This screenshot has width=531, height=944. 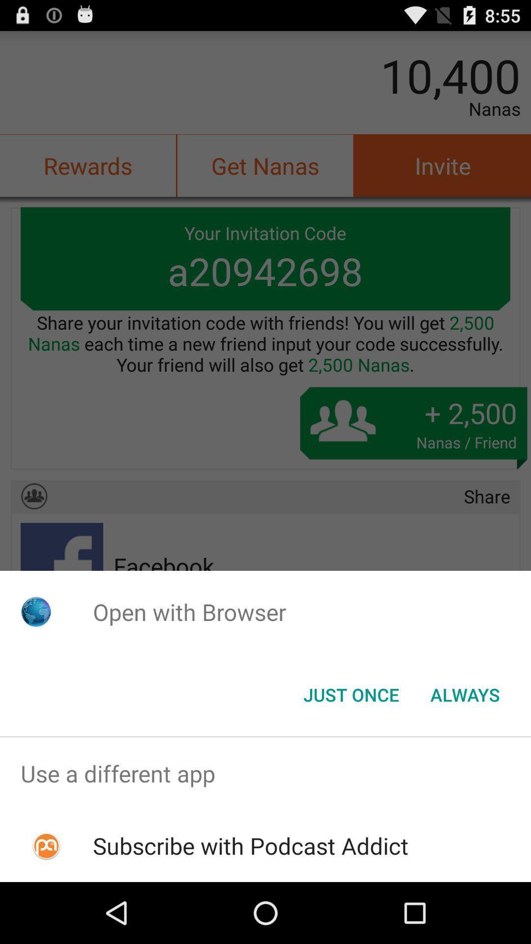 What do you see at coordinates (465, 694) in the screenshot?
I see `always button` at bounding box center [465, 694].